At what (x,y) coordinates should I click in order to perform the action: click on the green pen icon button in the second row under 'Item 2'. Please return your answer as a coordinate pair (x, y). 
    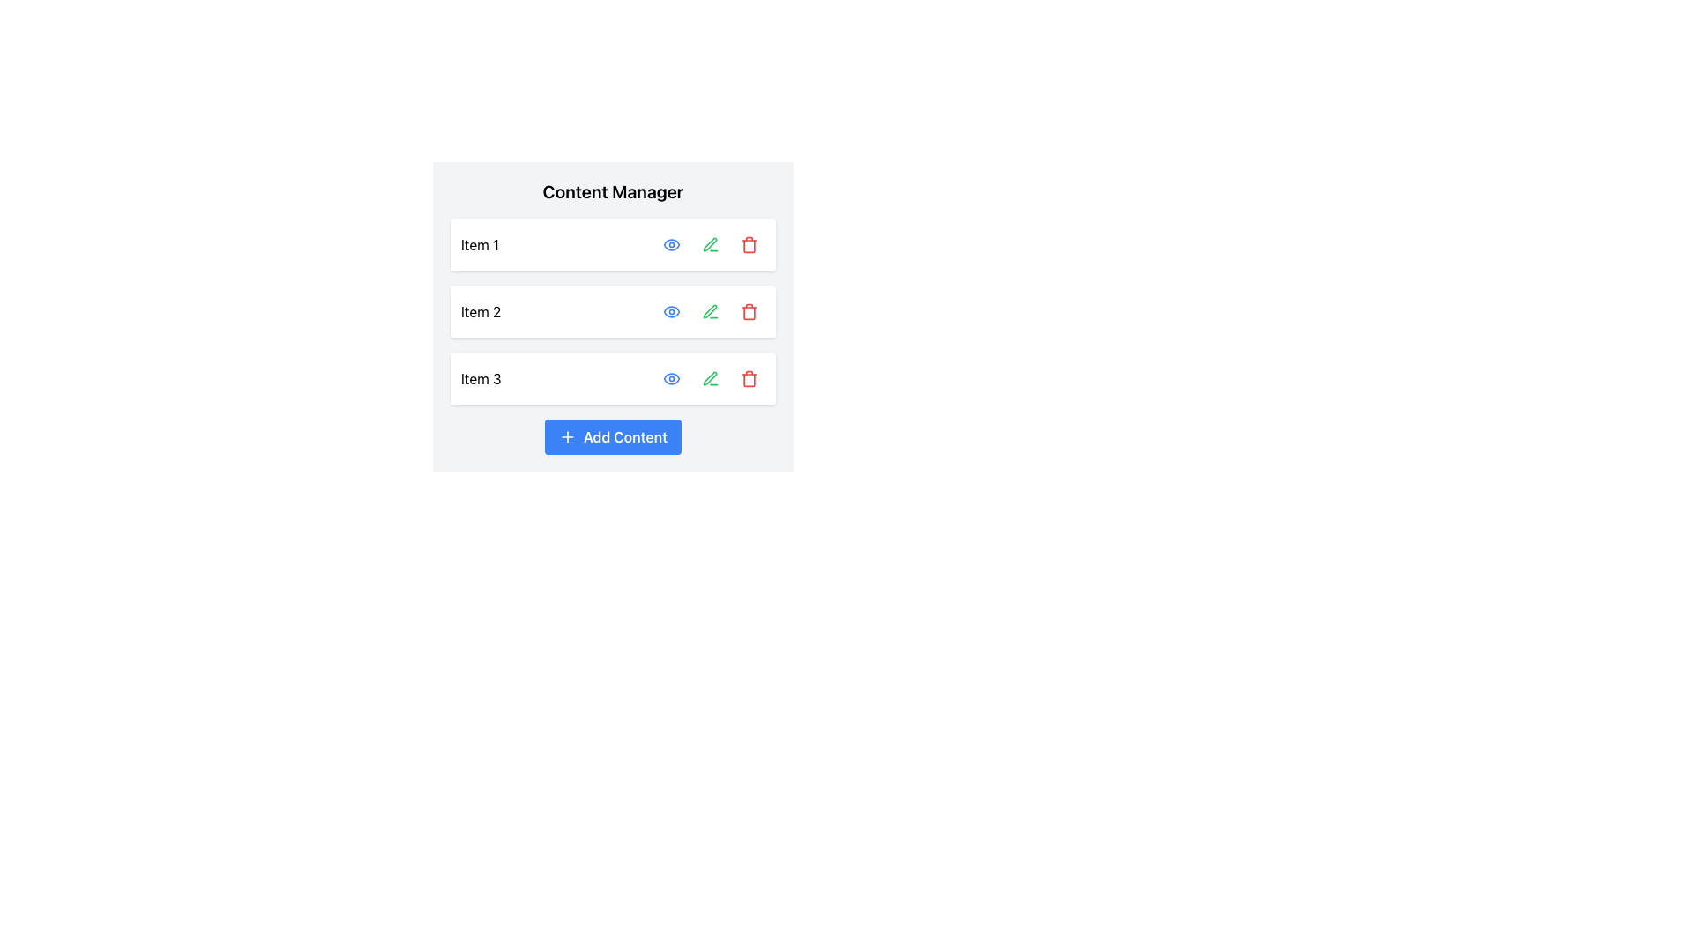
    Looking at the image, I should click on (711, 311).